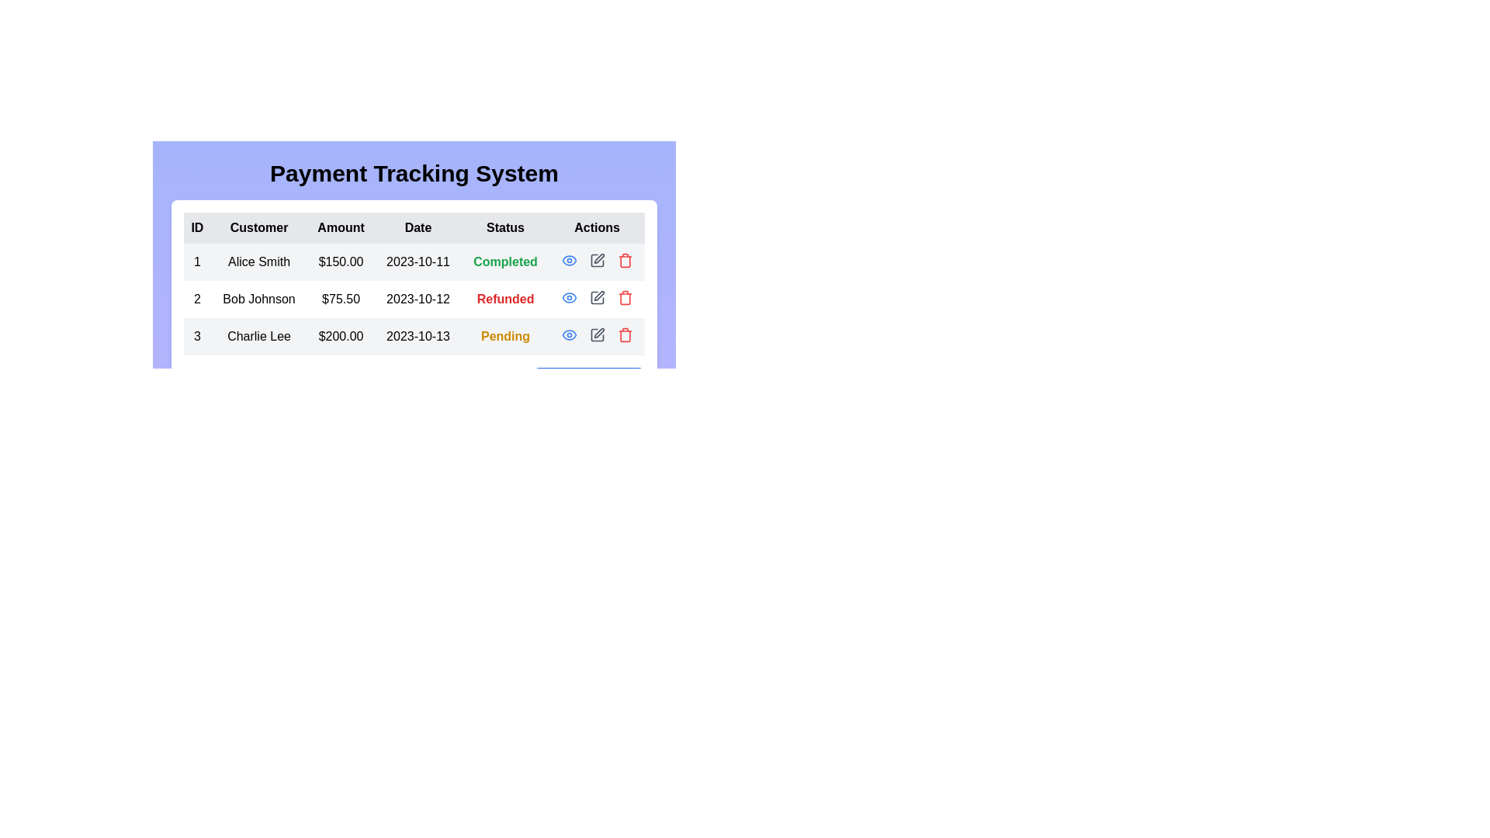 The width and height of the screenshot is (1490, 838). I want to click on the 'Charlie Lee' text label in the Customer column of the Payment Tracking System table, which serves as an identifier for the transaction, so click(259, 336).